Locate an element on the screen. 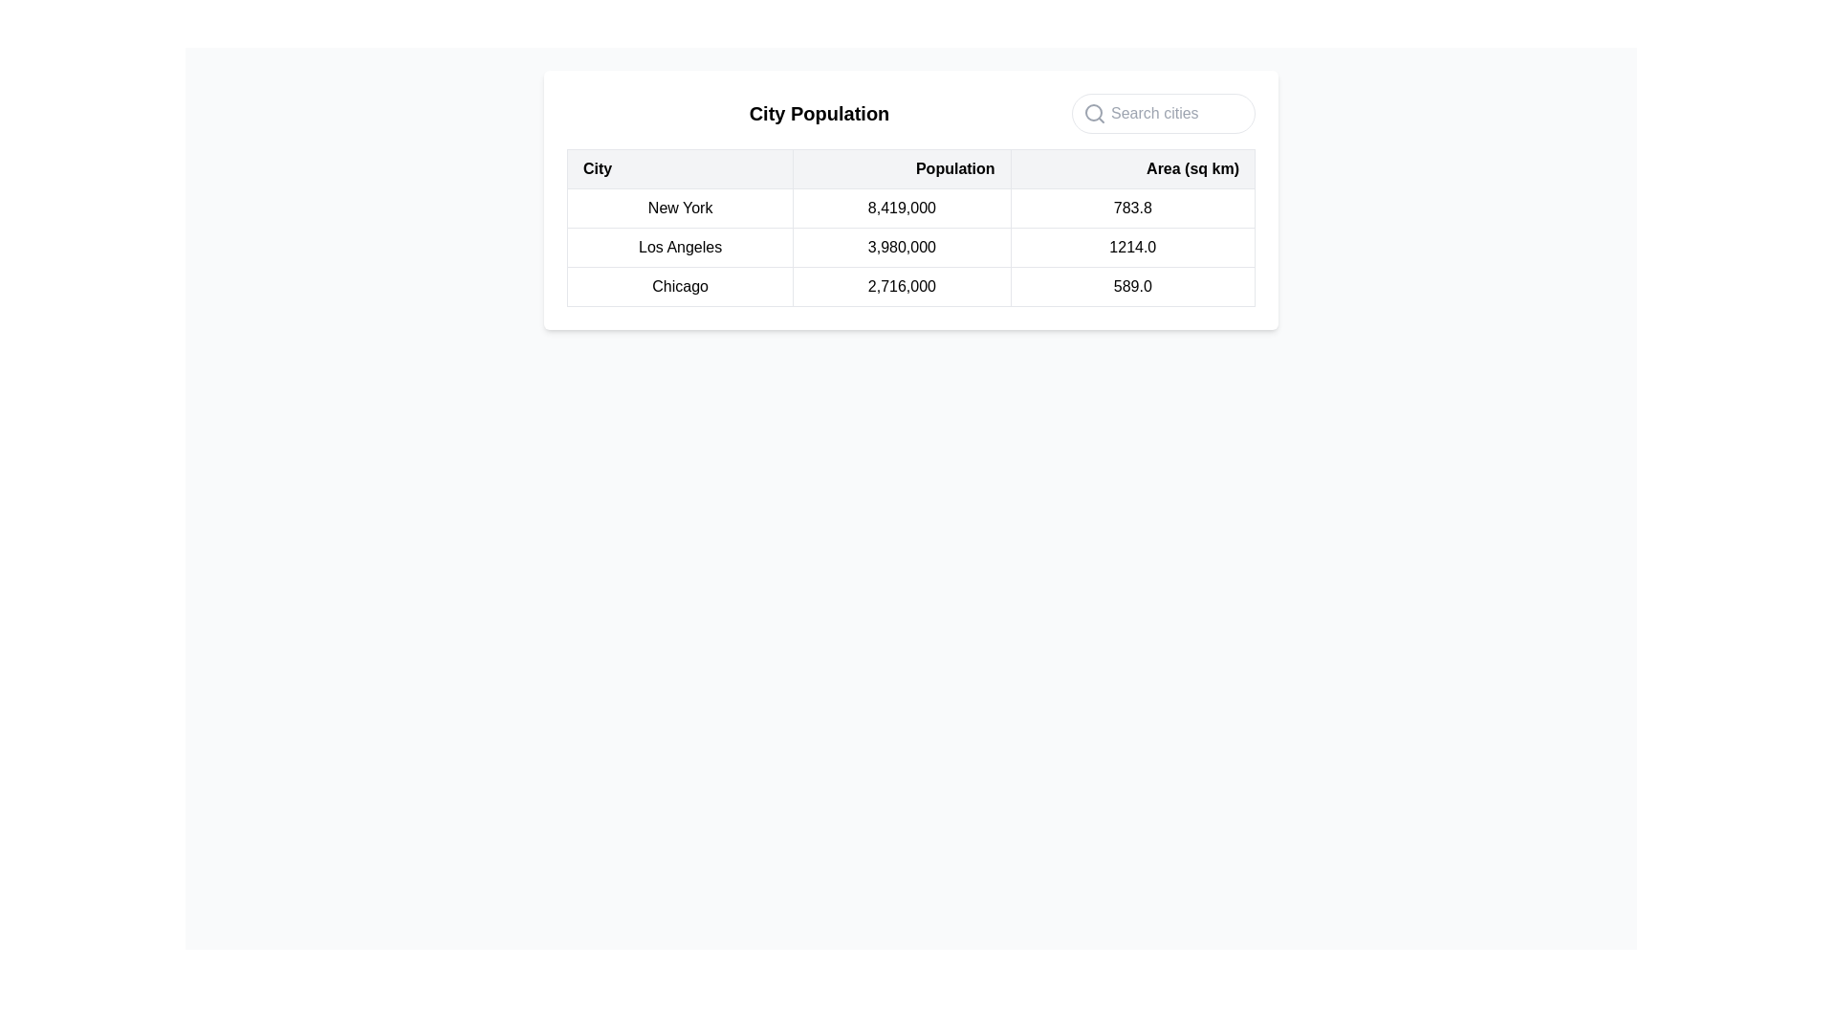 This screenshot has width=1836, height=1033. the non-interactive text field displaying the population of Chicago in the table, located centrally under the 'Population' column is located at coordinates (901, 287).